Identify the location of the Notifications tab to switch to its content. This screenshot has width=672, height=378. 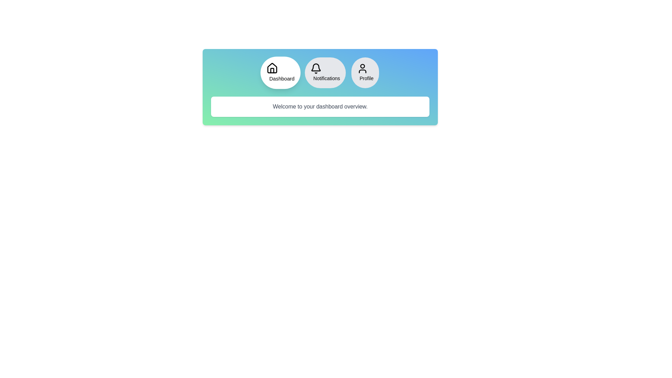
(325, 73).